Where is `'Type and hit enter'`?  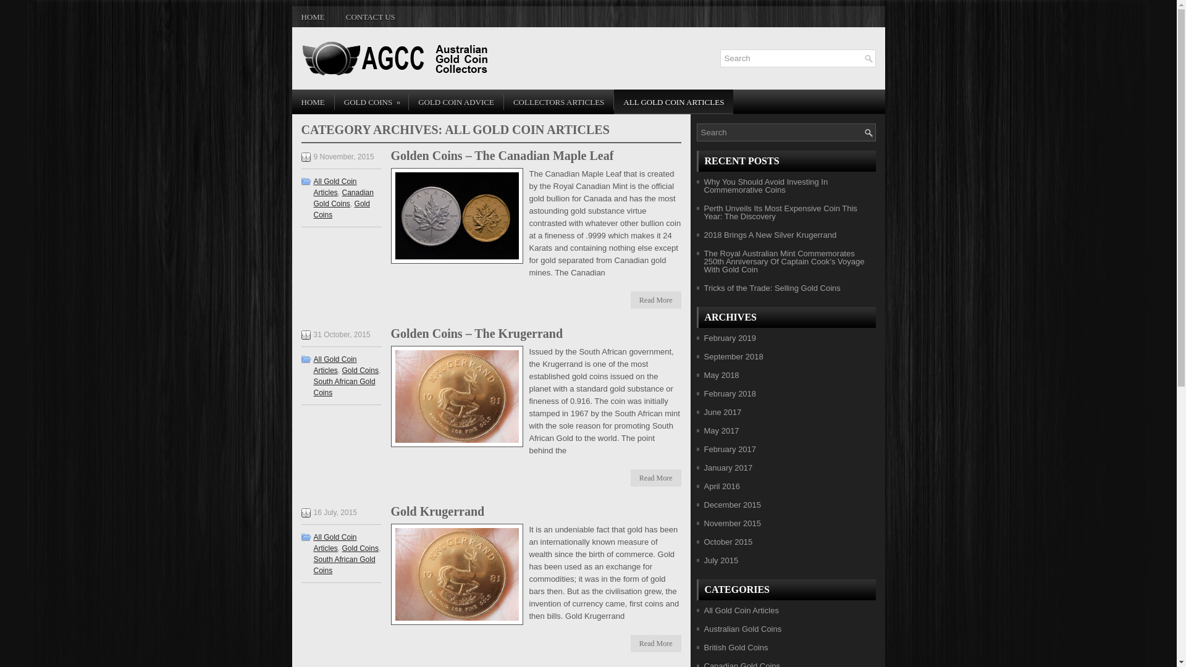 'Type and hit enter' is located at coordinates (785, 132).